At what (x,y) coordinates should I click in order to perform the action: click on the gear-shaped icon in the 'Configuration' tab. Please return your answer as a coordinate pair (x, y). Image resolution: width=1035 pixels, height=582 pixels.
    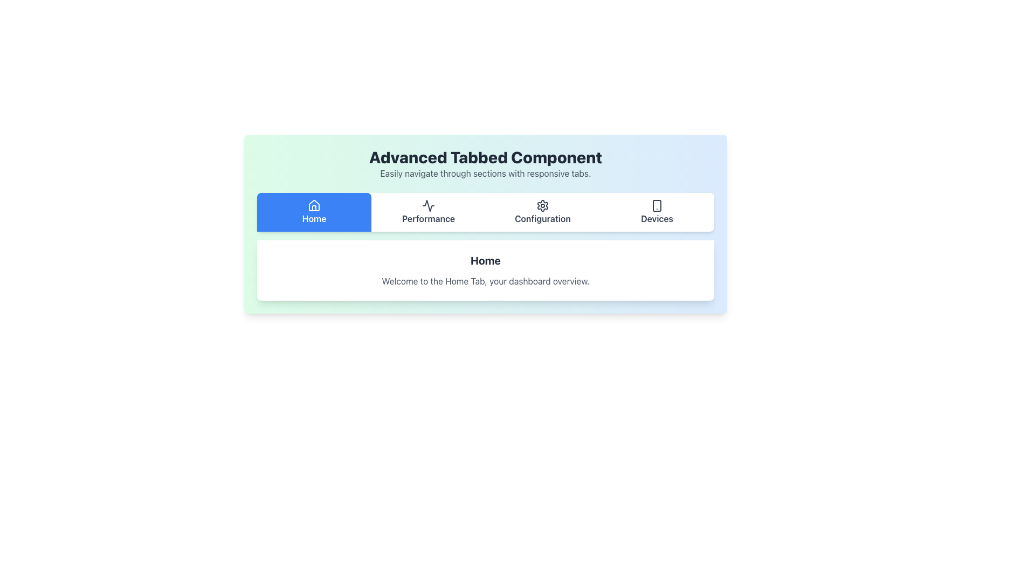
    Looking at the image, I should click on (543, 205).